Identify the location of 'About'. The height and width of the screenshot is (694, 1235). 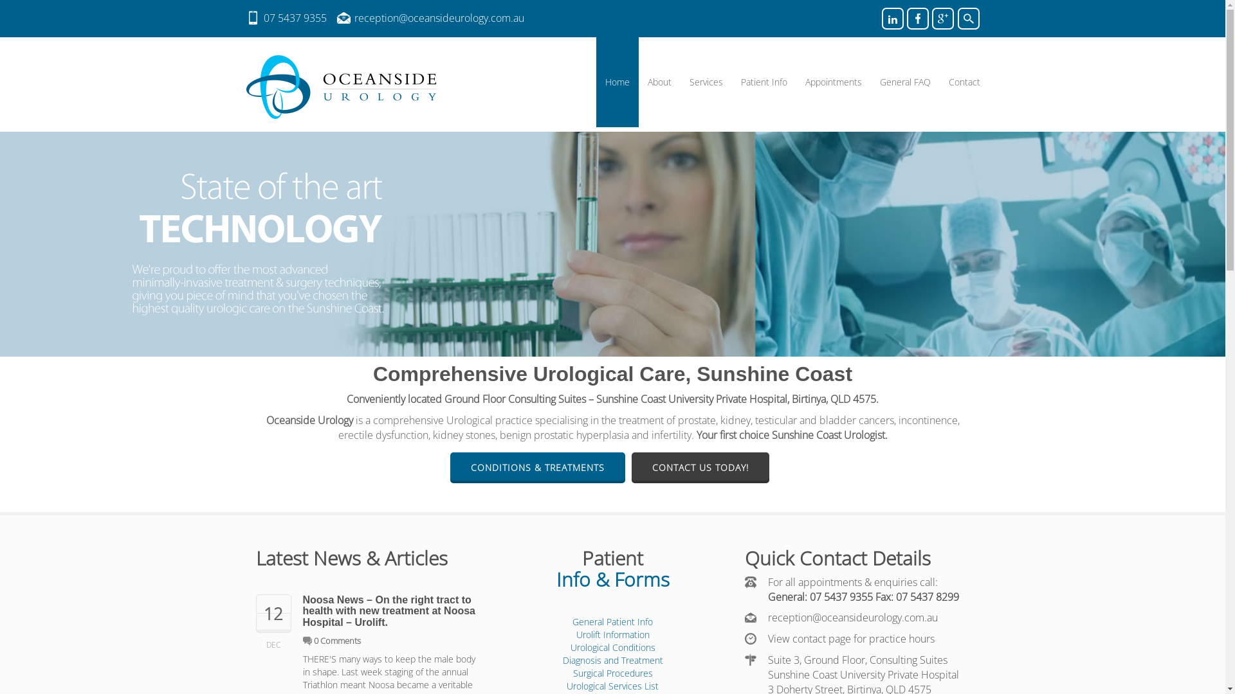
(659, 82).